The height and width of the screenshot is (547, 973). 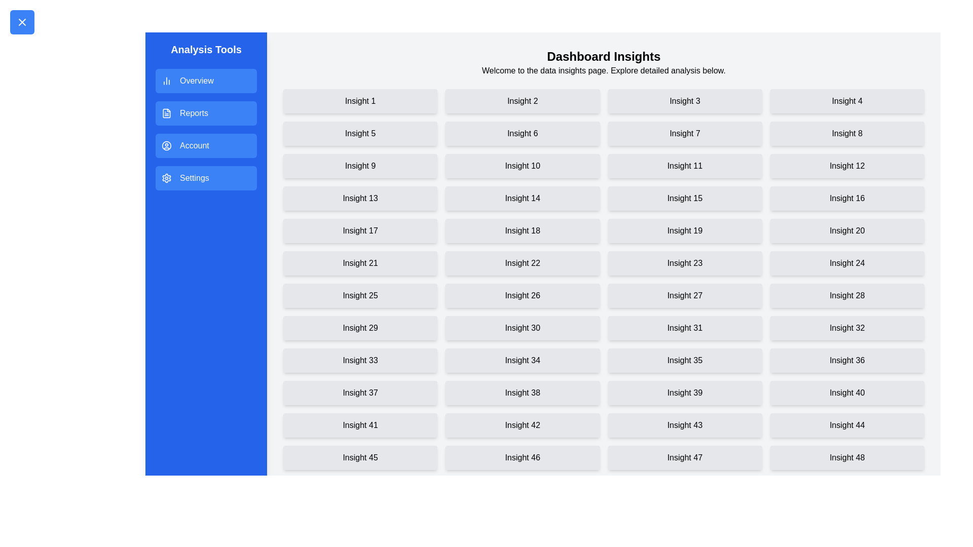 What do you see at coordinates (206, 80) in the screenshot?
I see `the menu item Overview in the drawer` at bounding box center [206, 80].